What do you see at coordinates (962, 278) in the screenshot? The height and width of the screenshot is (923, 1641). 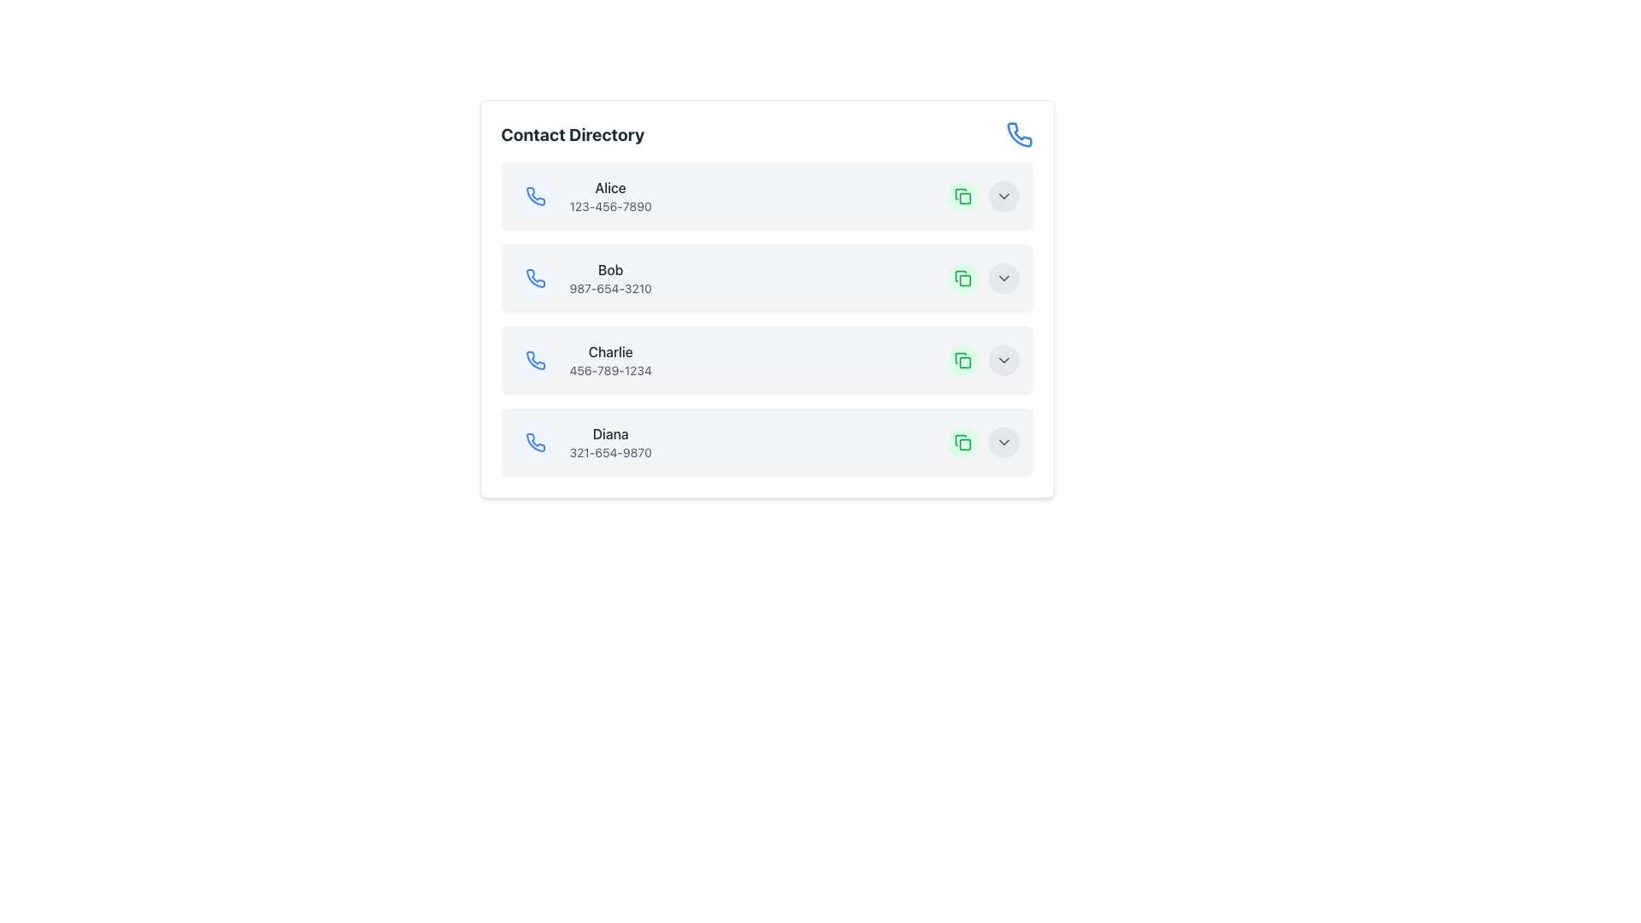 I see `the circular green button with a copy icon for the contact entry labeled 'Bob' in the second row of the contact directory list to copy the information` at bounding box center [962, 278].